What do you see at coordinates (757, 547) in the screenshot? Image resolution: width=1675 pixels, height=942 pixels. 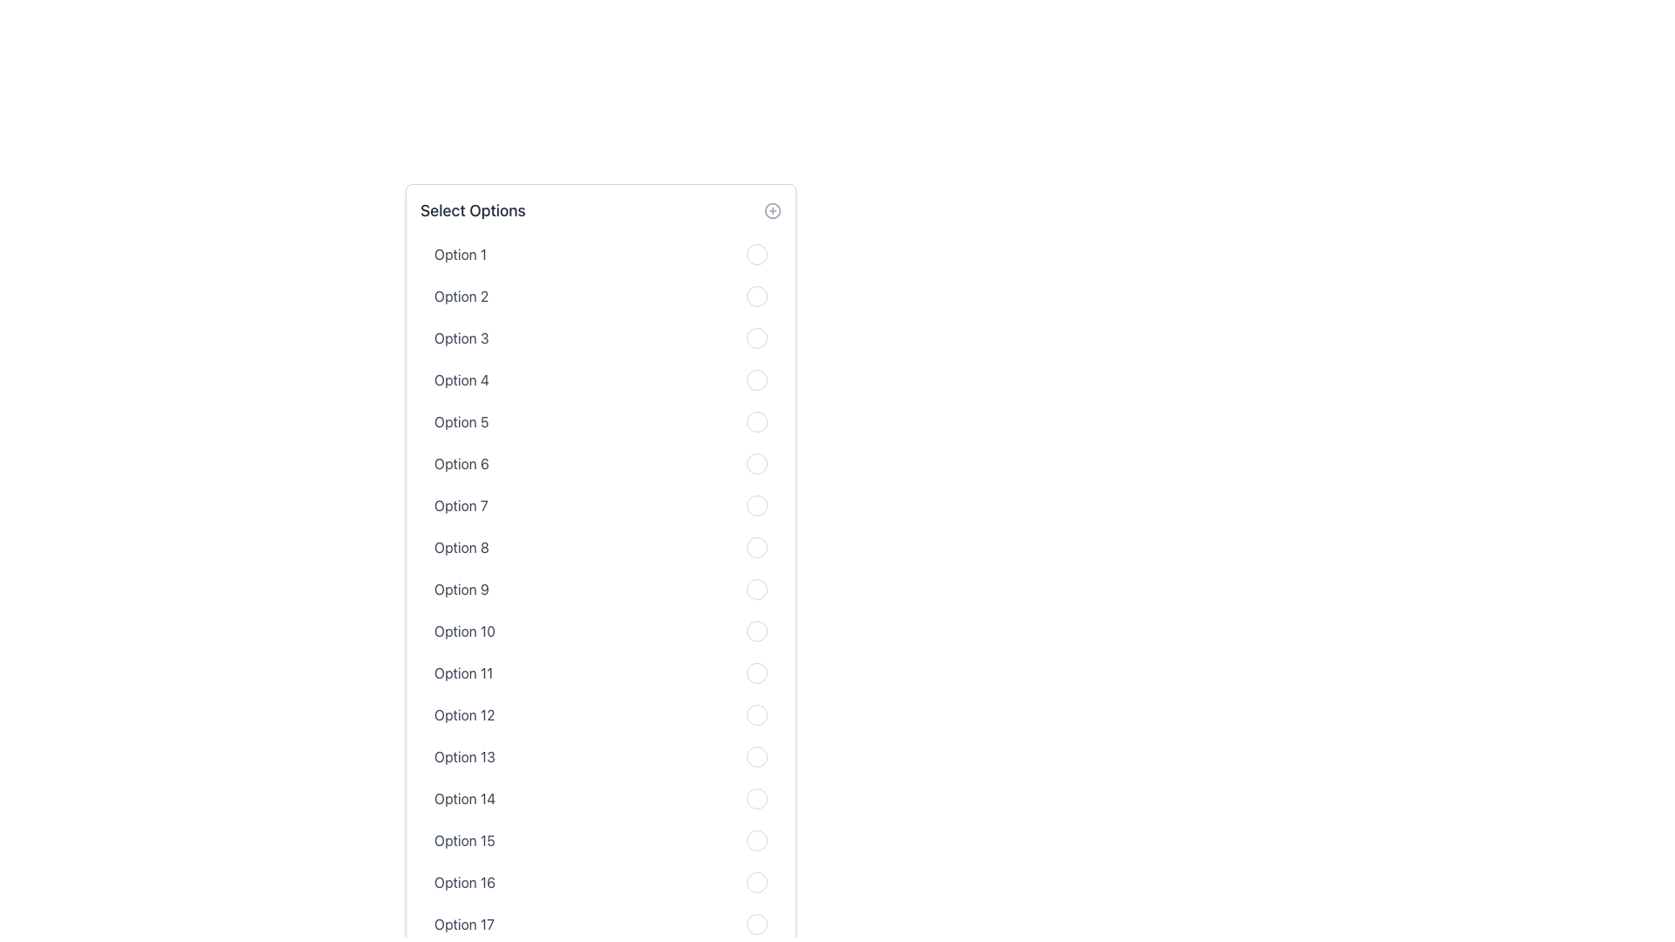 I see `the radio button corresponding to 'Option 8'` at bounding box center [757, 547].